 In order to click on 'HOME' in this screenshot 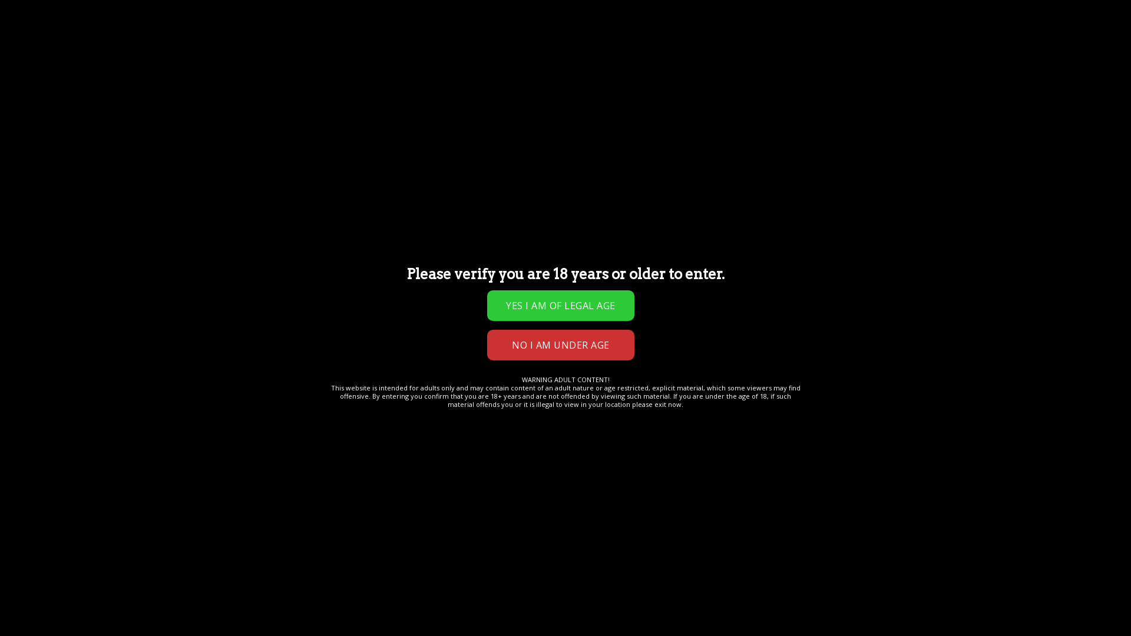, I will do `click(47, 65)`.